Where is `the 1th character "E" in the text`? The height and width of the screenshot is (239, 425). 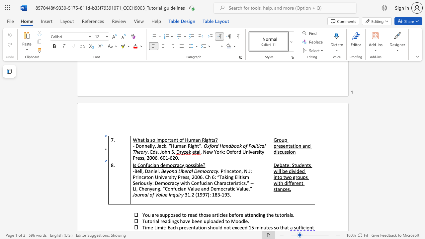 the 1th character "E" in the text is located at coordinates (151, 152).